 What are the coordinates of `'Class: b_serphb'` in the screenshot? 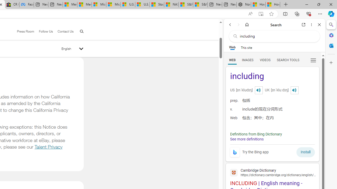 It's located at (313, 60).